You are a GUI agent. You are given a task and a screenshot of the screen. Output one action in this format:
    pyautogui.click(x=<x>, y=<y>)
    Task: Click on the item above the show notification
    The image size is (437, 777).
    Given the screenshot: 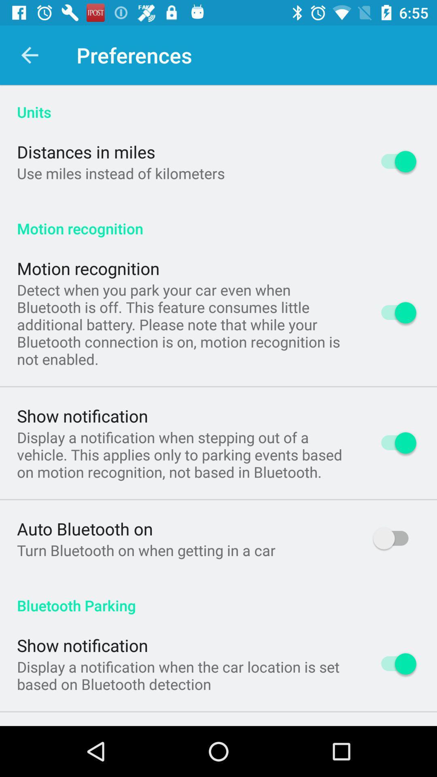 What is the action you would take?
    pyautogui.click(x=185, y=324)
    